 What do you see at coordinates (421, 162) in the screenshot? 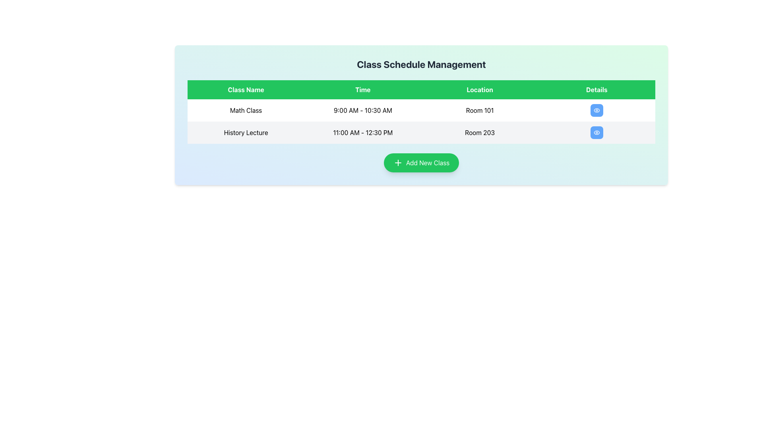
I see `the rounded green button labeled 'Add New Class' with a plus sign icon, located centrally at the bottom of the main content area` at bounding box center [421, 162].